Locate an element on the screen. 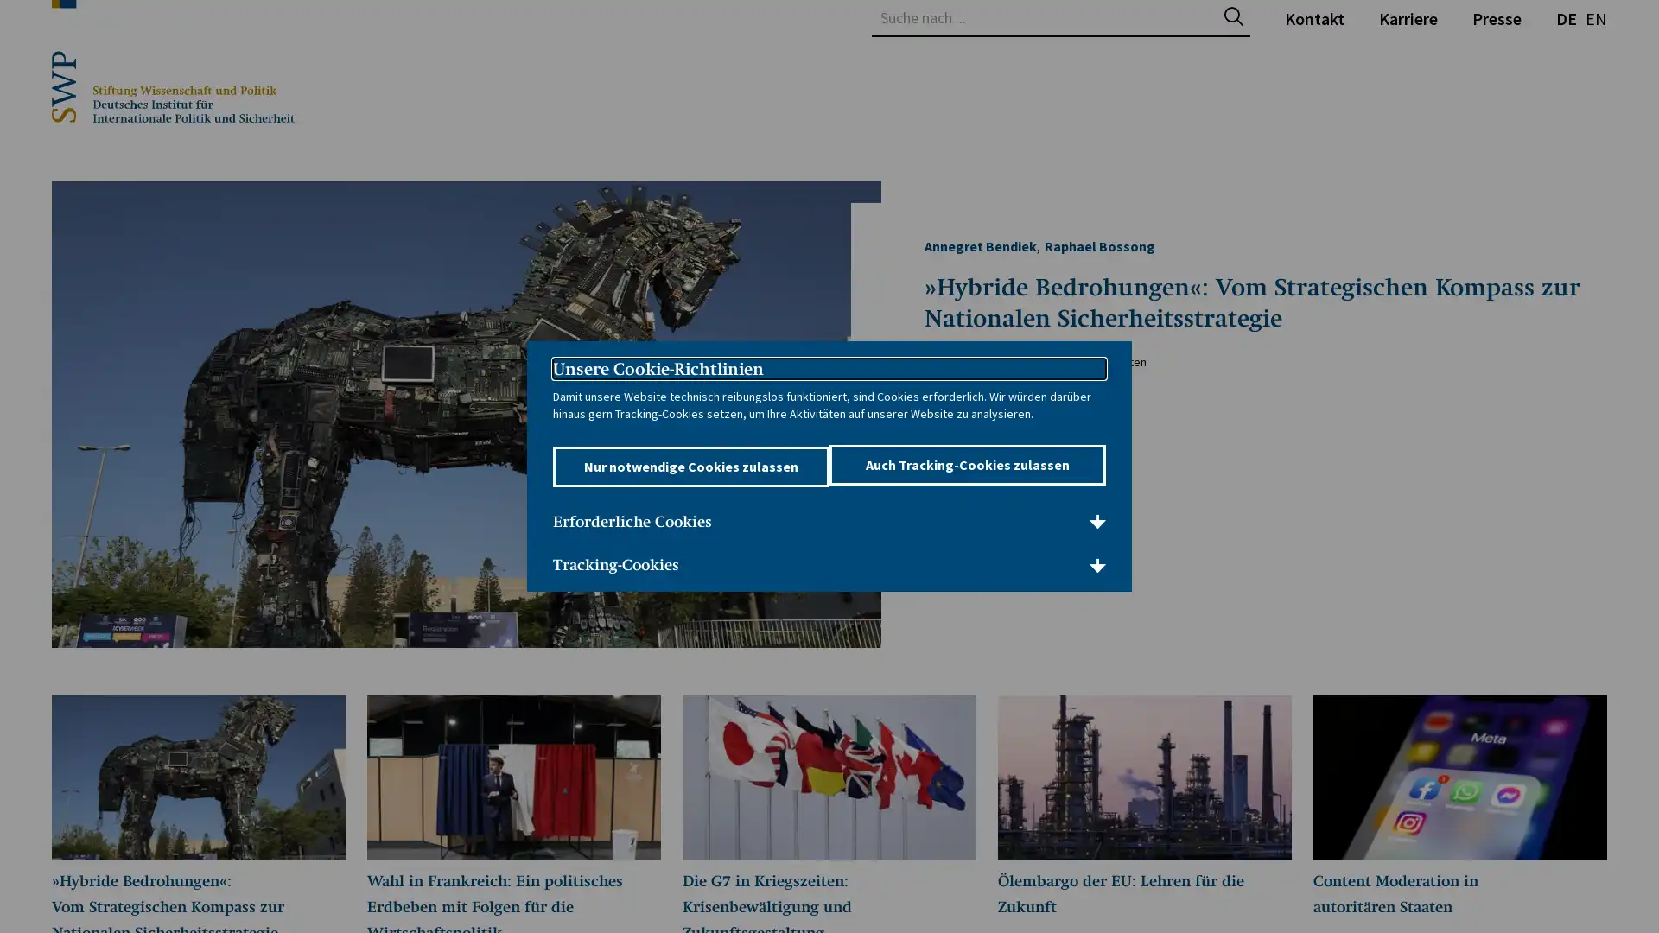 The height and width of the screenshot is (933, 1659). Auch Tracking-Cookies zulassen is located at coordinates (970, 464).